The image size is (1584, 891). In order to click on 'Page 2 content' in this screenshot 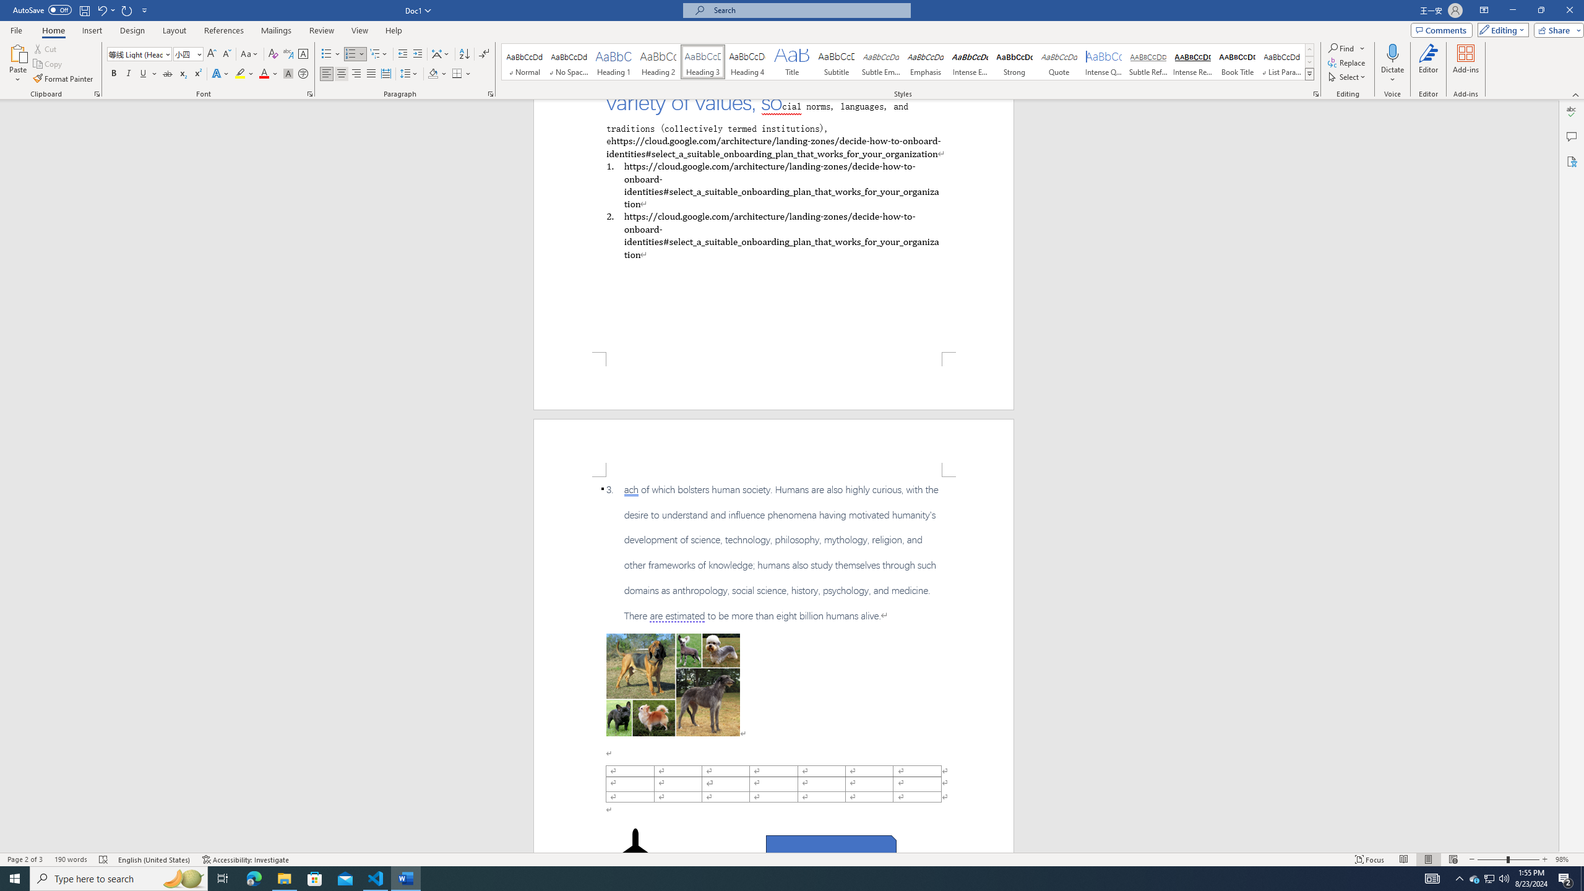, I will do `click(773, 664)`.